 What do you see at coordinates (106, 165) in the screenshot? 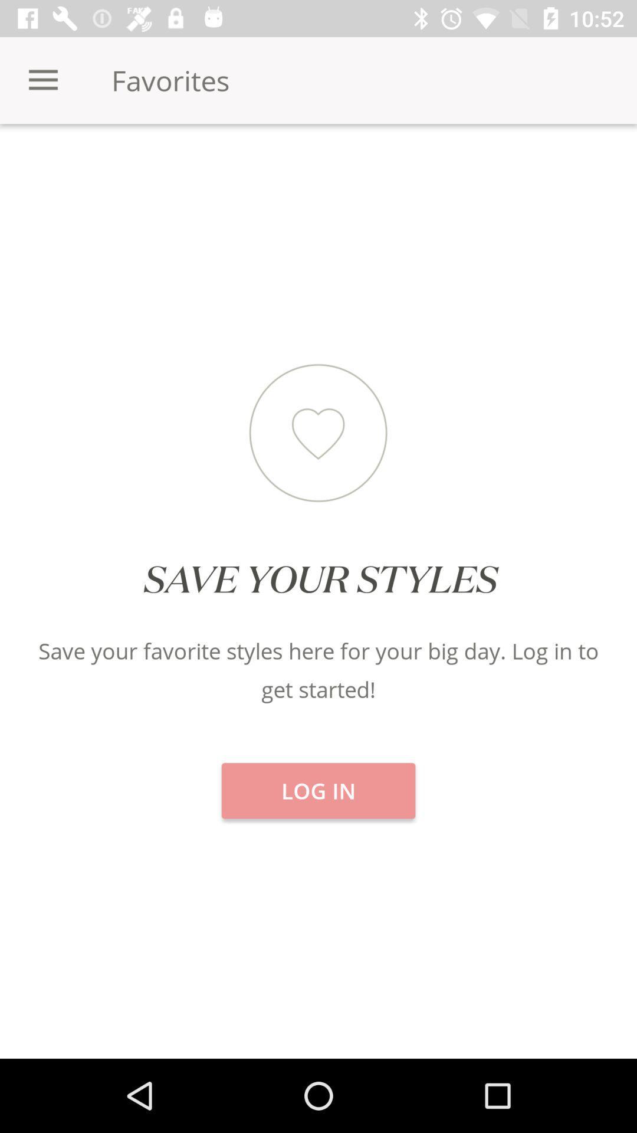
I see `icon above hello item` at bounding box center [106, 165].